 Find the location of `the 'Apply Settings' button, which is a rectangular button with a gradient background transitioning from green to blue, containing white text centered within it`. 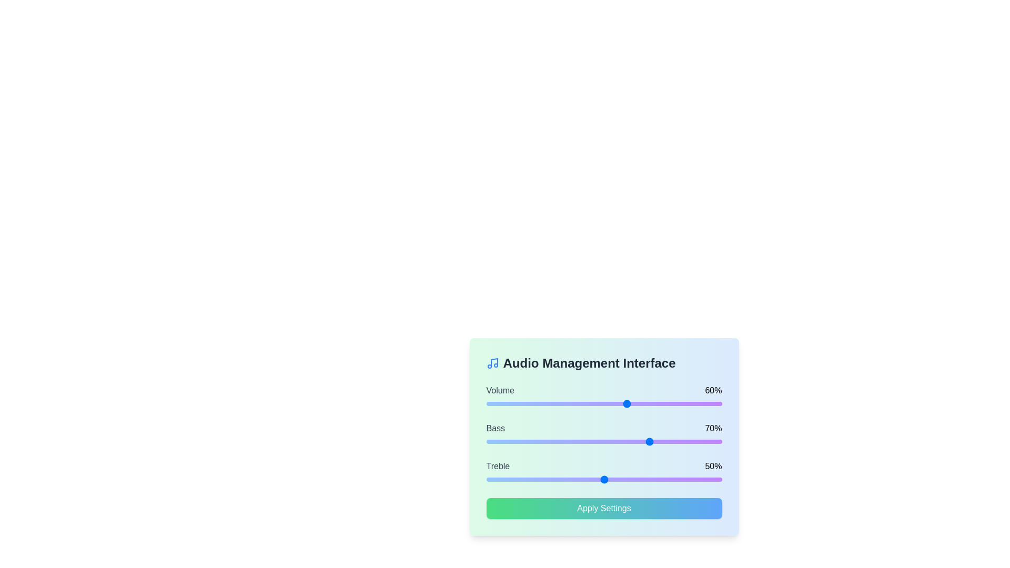

the 'Apply Settings' button, which is a rectangular button with a gradient background transitioning from green to blue, containing white text centered within it is located at coordinates (604, 508).